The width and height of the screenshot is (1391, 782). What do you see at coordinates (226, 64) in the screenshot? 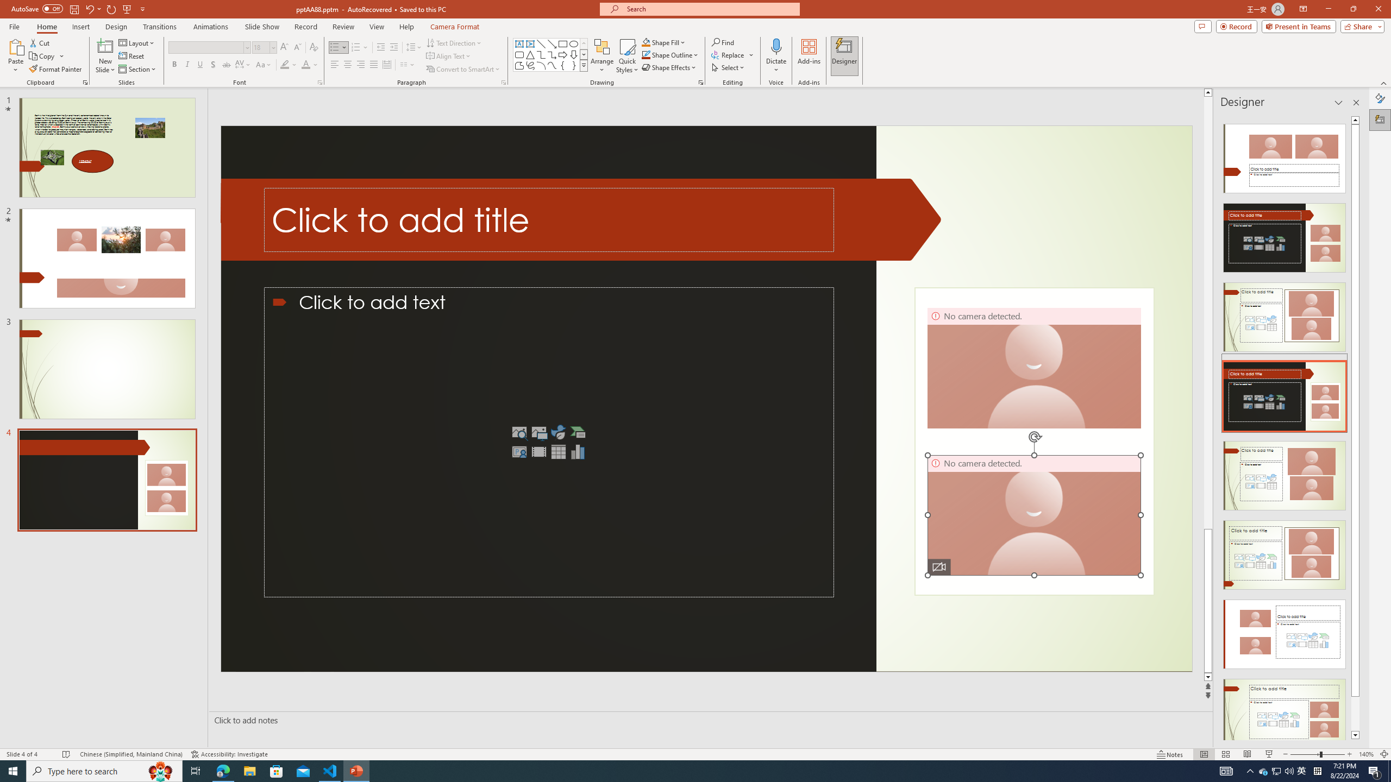
I see `'Strikethrough'` at bounding box center [226, 64].